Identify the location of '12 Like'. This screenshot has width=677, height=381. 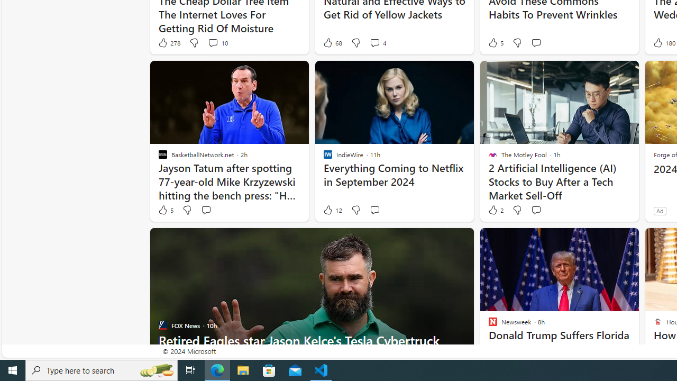
(332, 210).